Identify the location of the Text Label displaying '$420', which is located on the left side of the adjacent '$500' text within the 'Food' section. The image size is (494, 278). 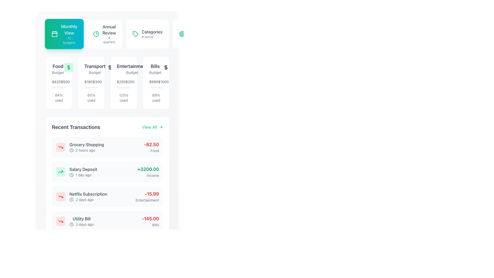
(56, 81).